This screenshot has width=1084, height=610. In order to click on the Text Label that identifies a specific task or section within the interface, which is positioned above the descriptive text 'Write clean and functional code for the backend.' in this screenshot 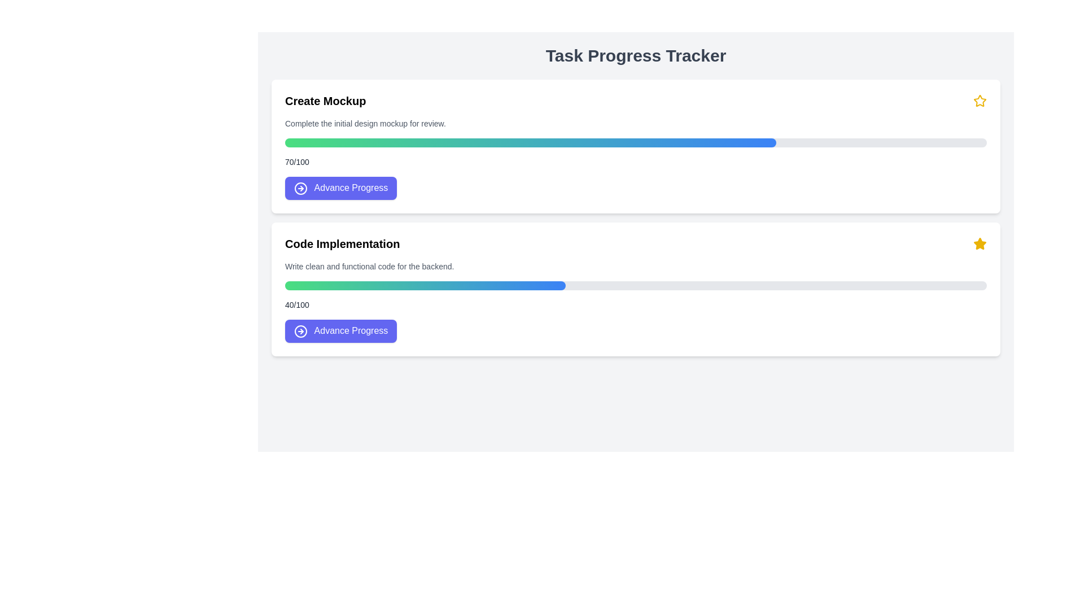, I will do `click(342, 243)`.